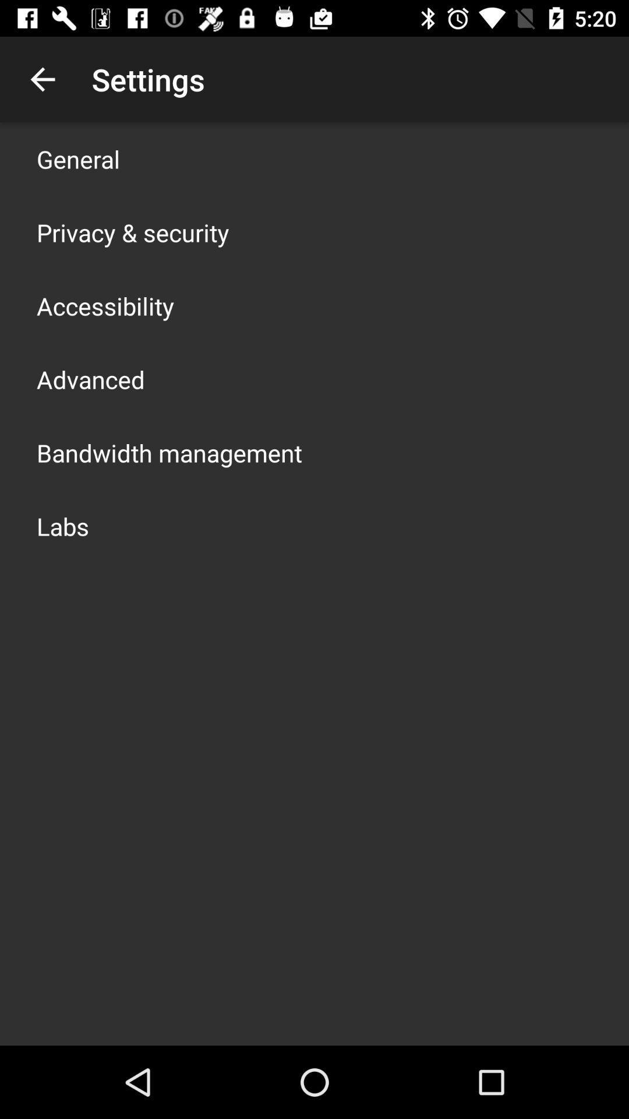 The image size is (629, 1119). I want to click on bandwidth management app, so click(169, 452).